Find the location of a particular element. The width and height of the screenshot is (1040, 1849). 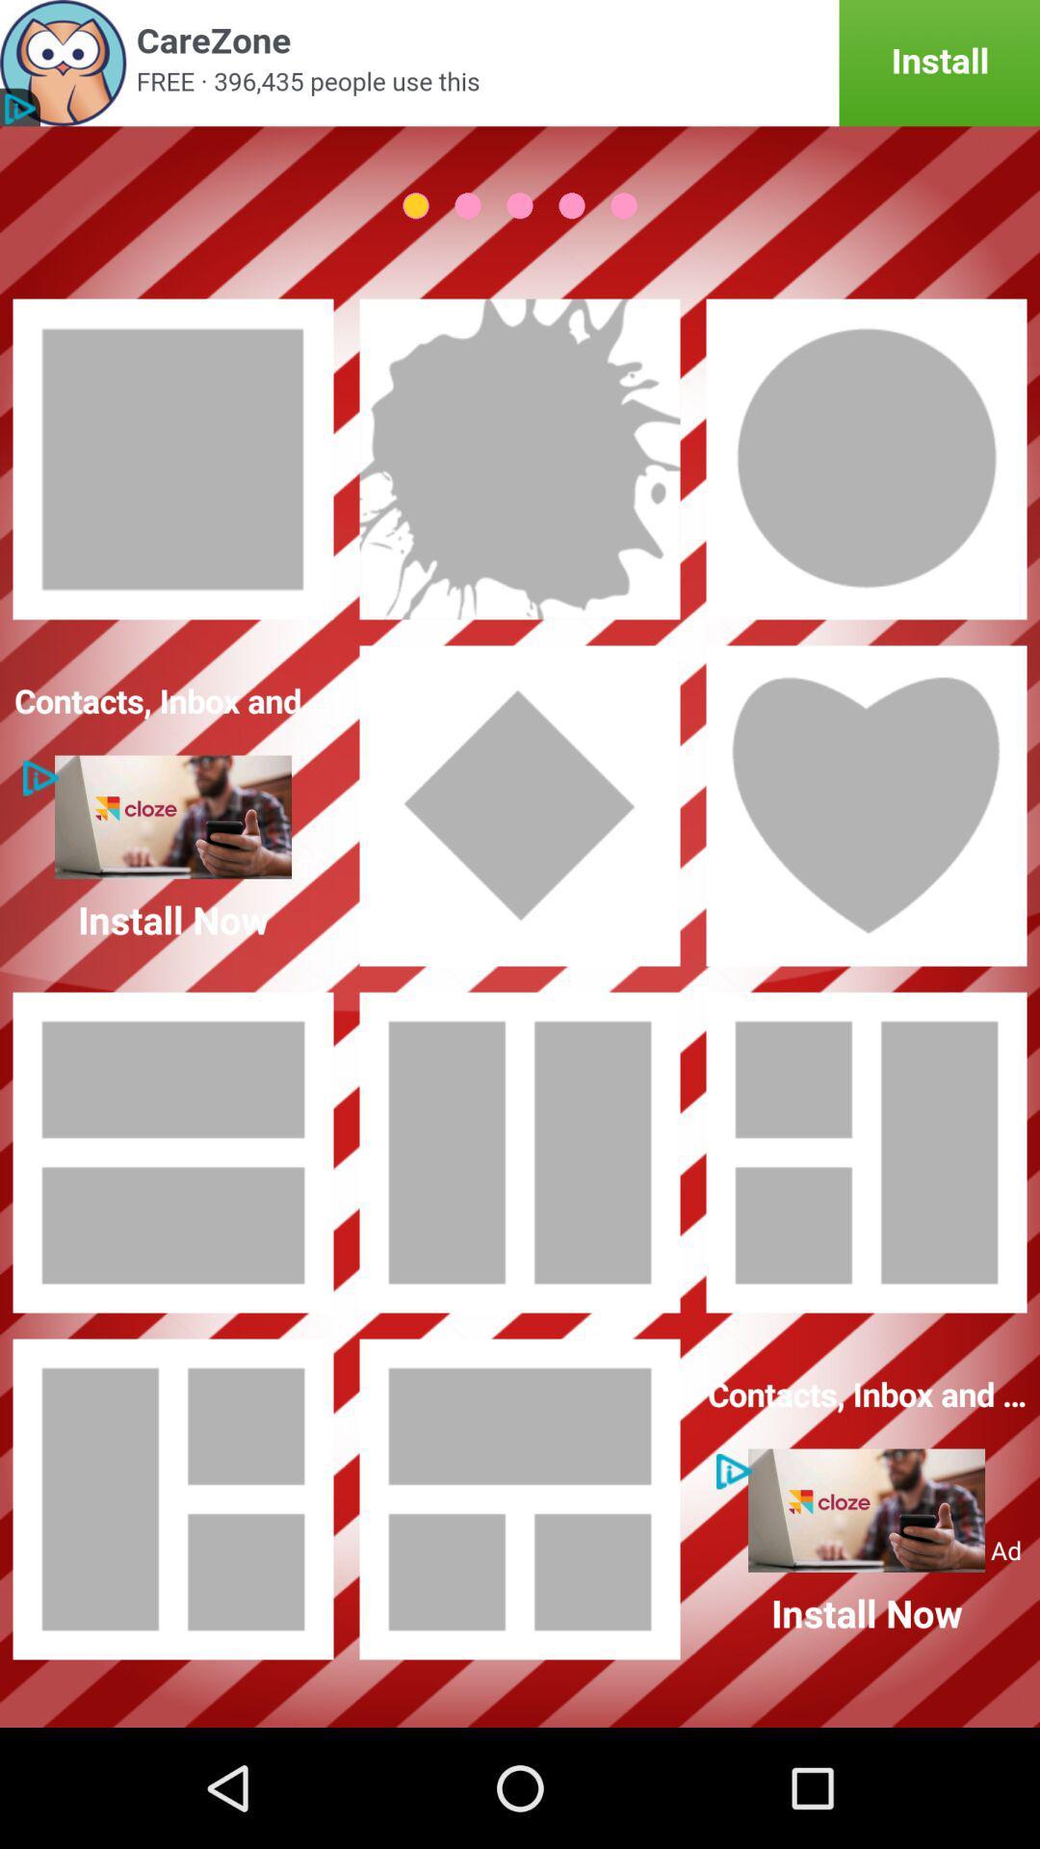

photo frame is located at coordinates (865, 1152).